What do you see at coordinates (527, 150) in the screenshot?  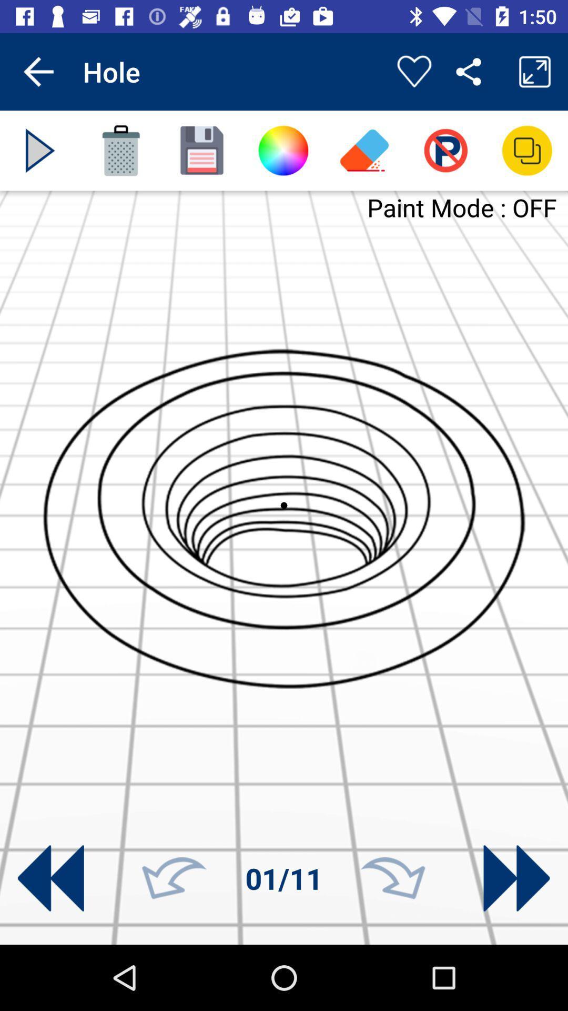 I see `open another layer` at bounding box center [527, 150].